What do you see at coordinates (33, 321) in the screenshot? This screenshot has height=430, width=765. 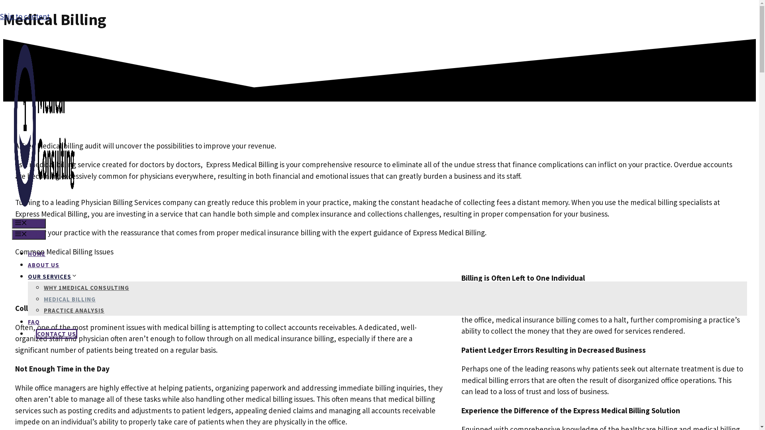 I see `'FAQ'` at bounding box center [33, 321].